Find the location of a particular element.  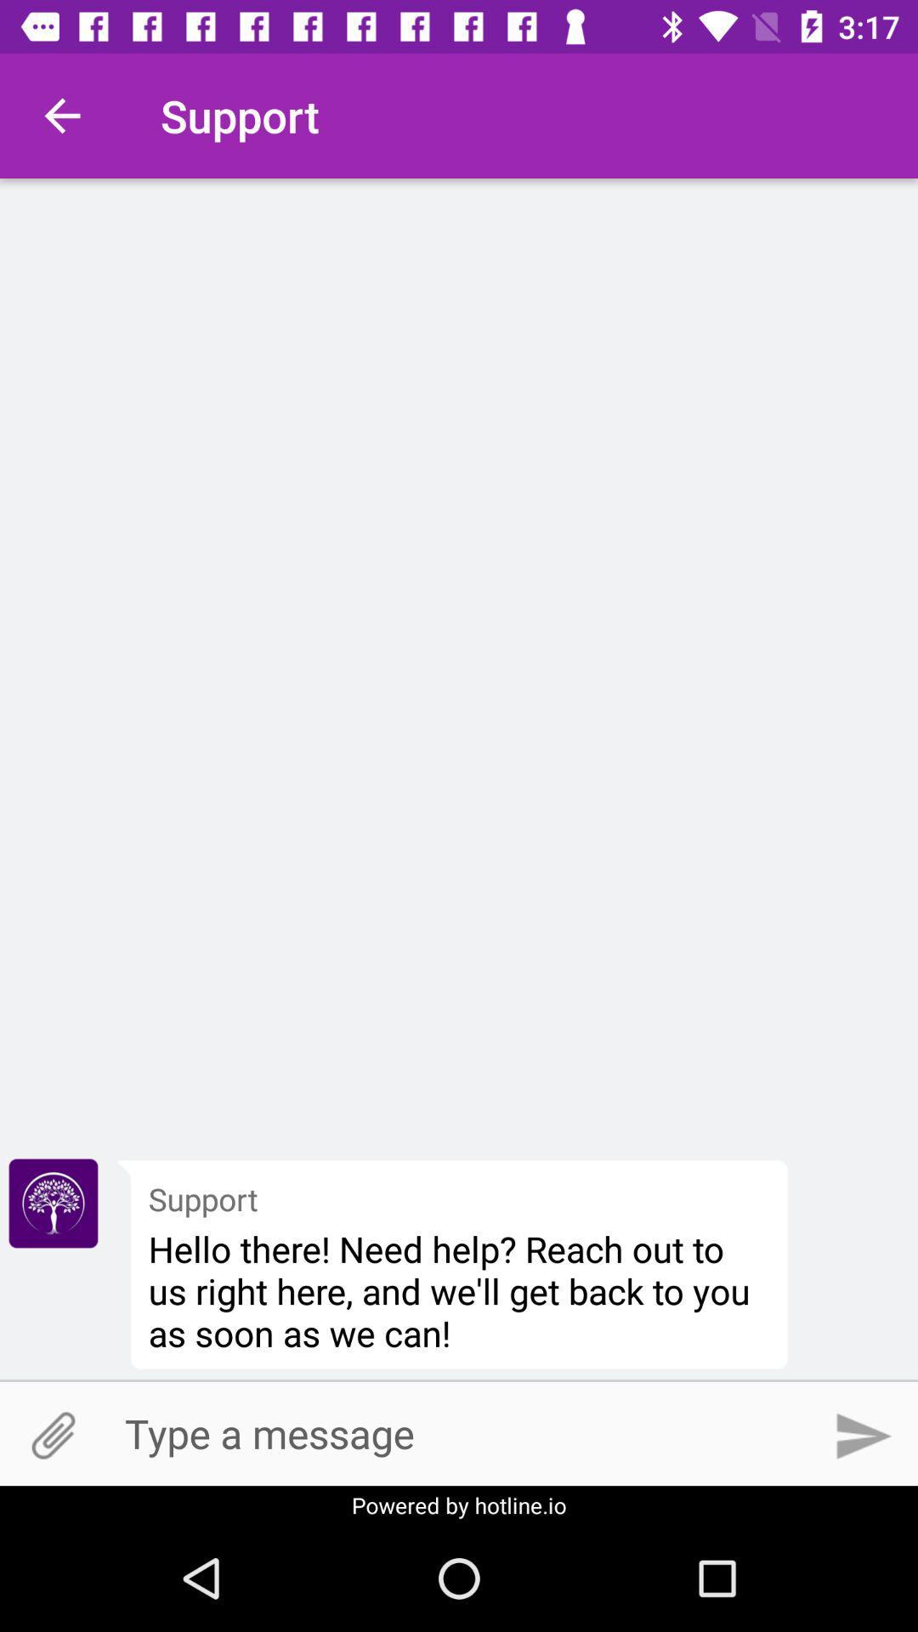

item next to the support is located at coordinates (52, 1203).